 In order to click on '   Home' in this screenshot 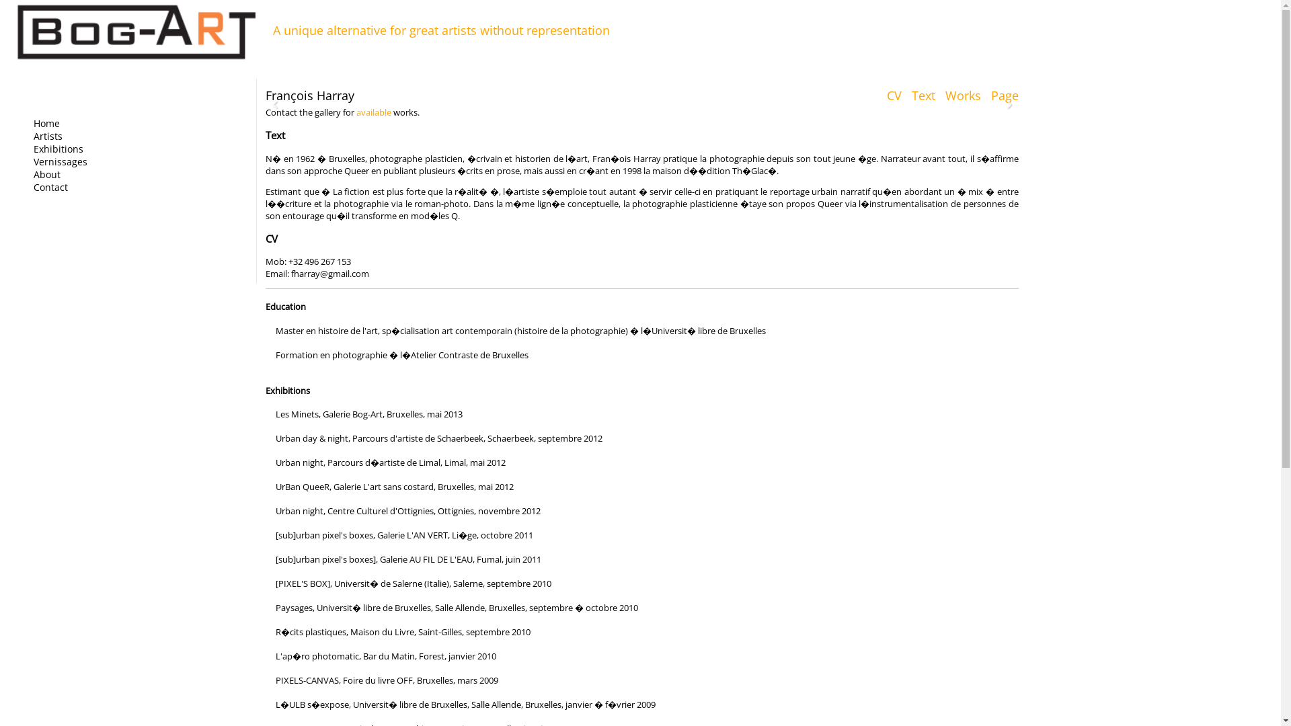, I will do `click(26, 123)`.